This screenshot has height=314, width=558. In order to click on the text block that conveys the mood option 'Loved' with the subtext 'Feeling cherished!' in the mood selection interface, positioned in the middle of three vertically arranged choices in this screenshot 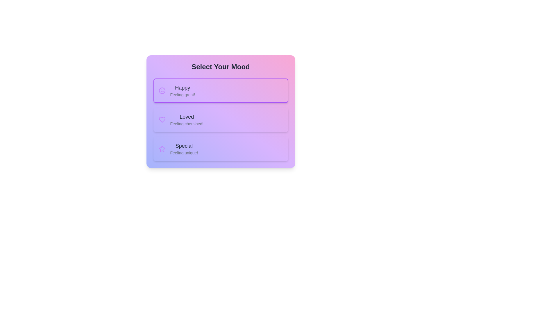, I will do `click(187, 119)`.